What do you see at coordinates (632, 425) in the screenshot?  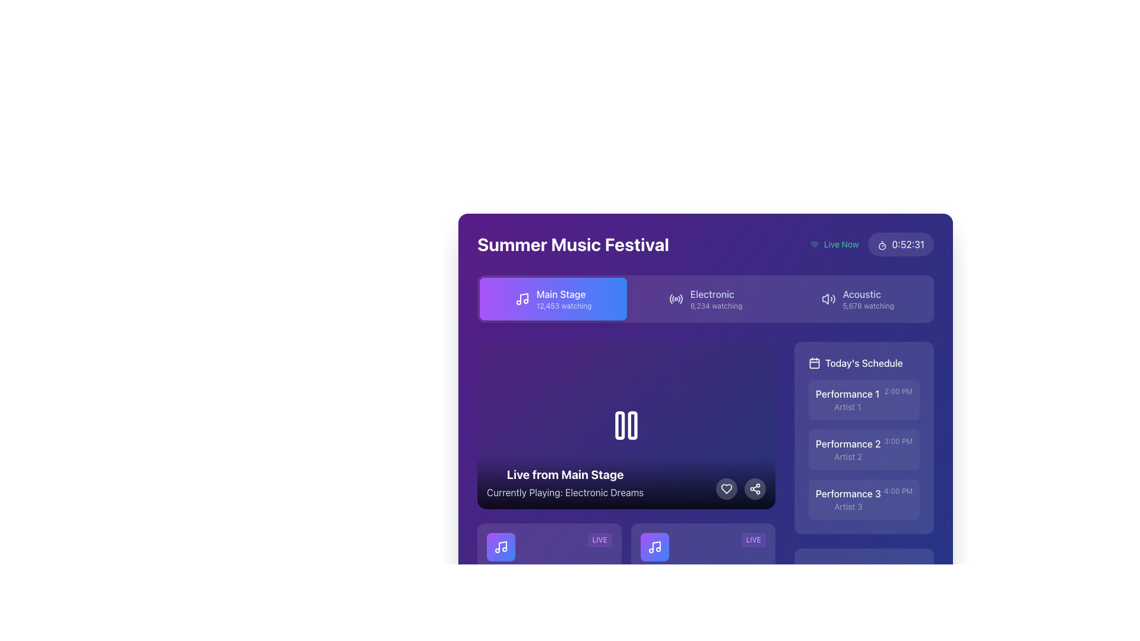 I see `the second vertical bar of the pause icon, which is a purple rectangle with rounded corners located on the right side of the first bar, under the 'Live from Main Stage' text` at bounding box center [632, 425].